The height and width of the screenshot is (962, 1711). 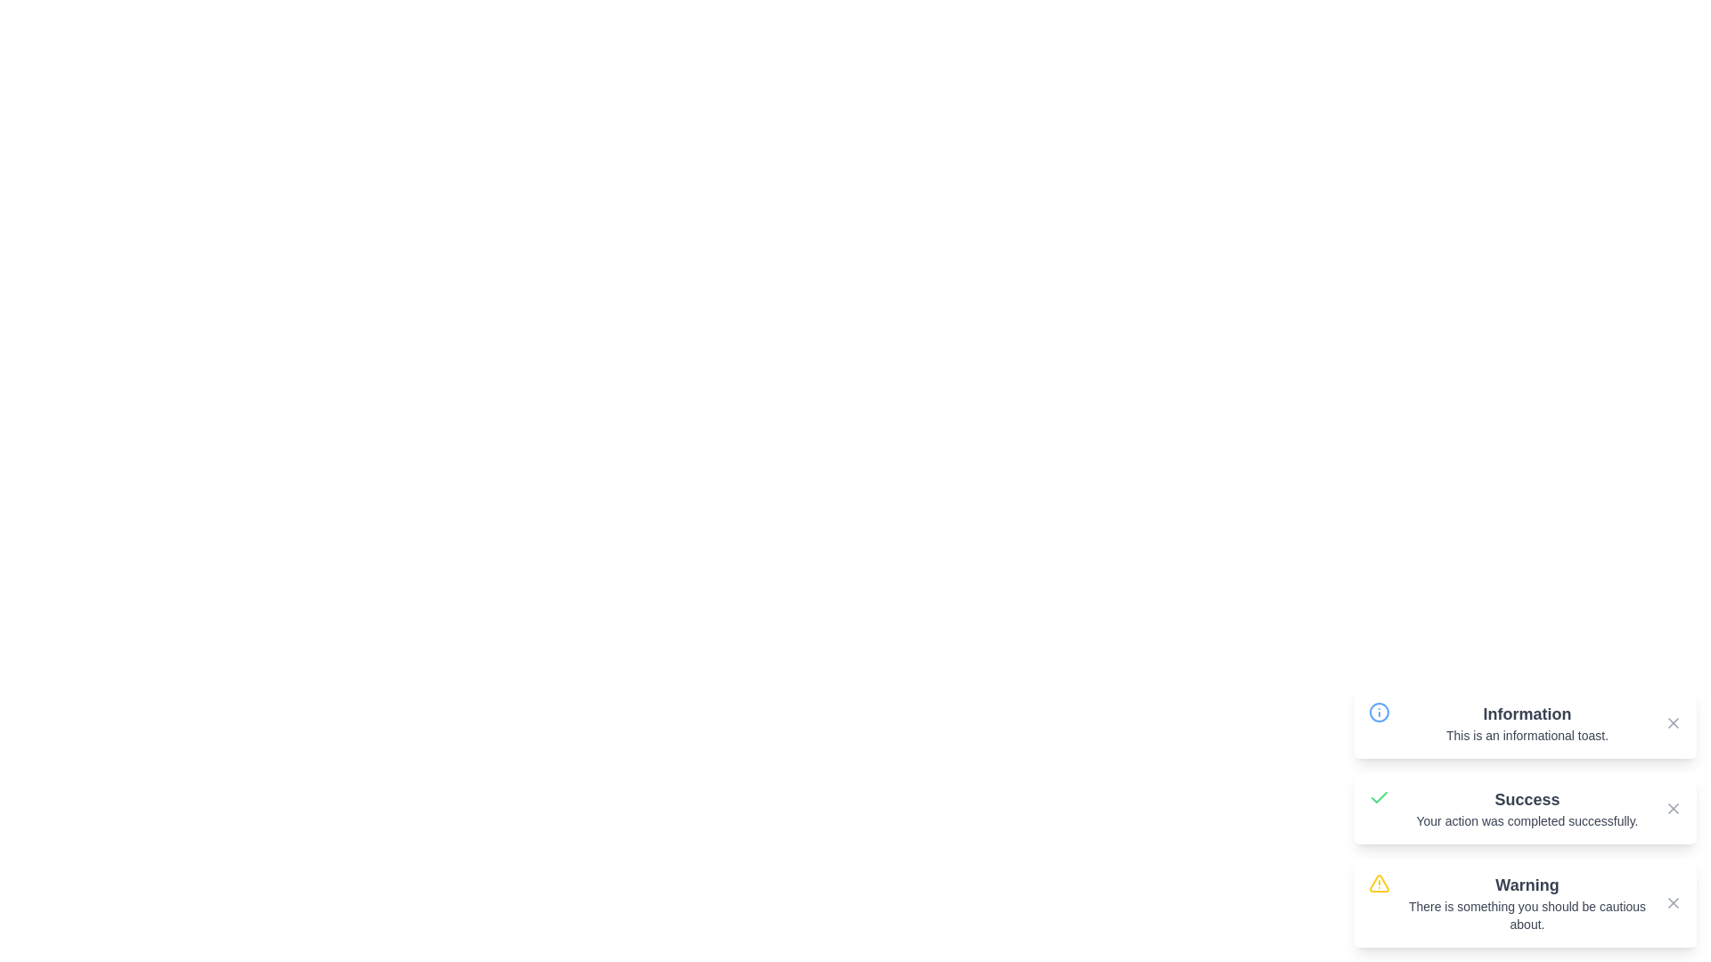 What do you see at coordinates (1526, 808) in the screenshot?
I see `notification message displayed in a card with a green border, containing the text 'Success.' and 'Your action was completed successfully.'` at bounding box center [1526, 808].